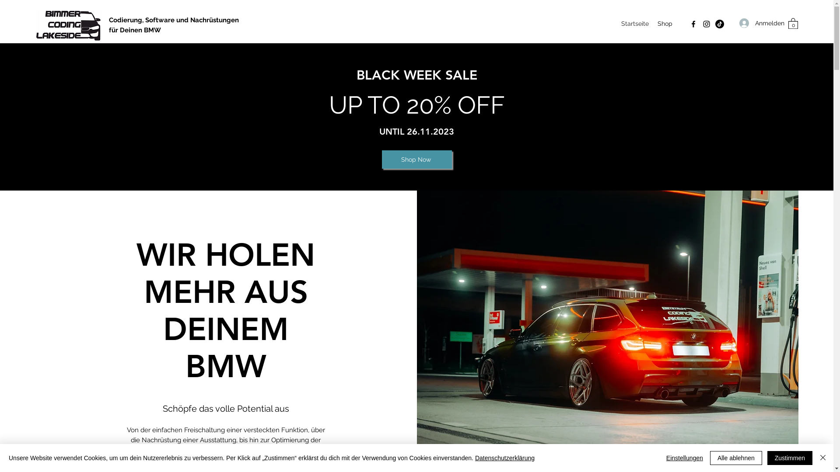 The height and width of the screenshot is (472, 840). I want to click on 'Zustimmen', so click(790, 458).